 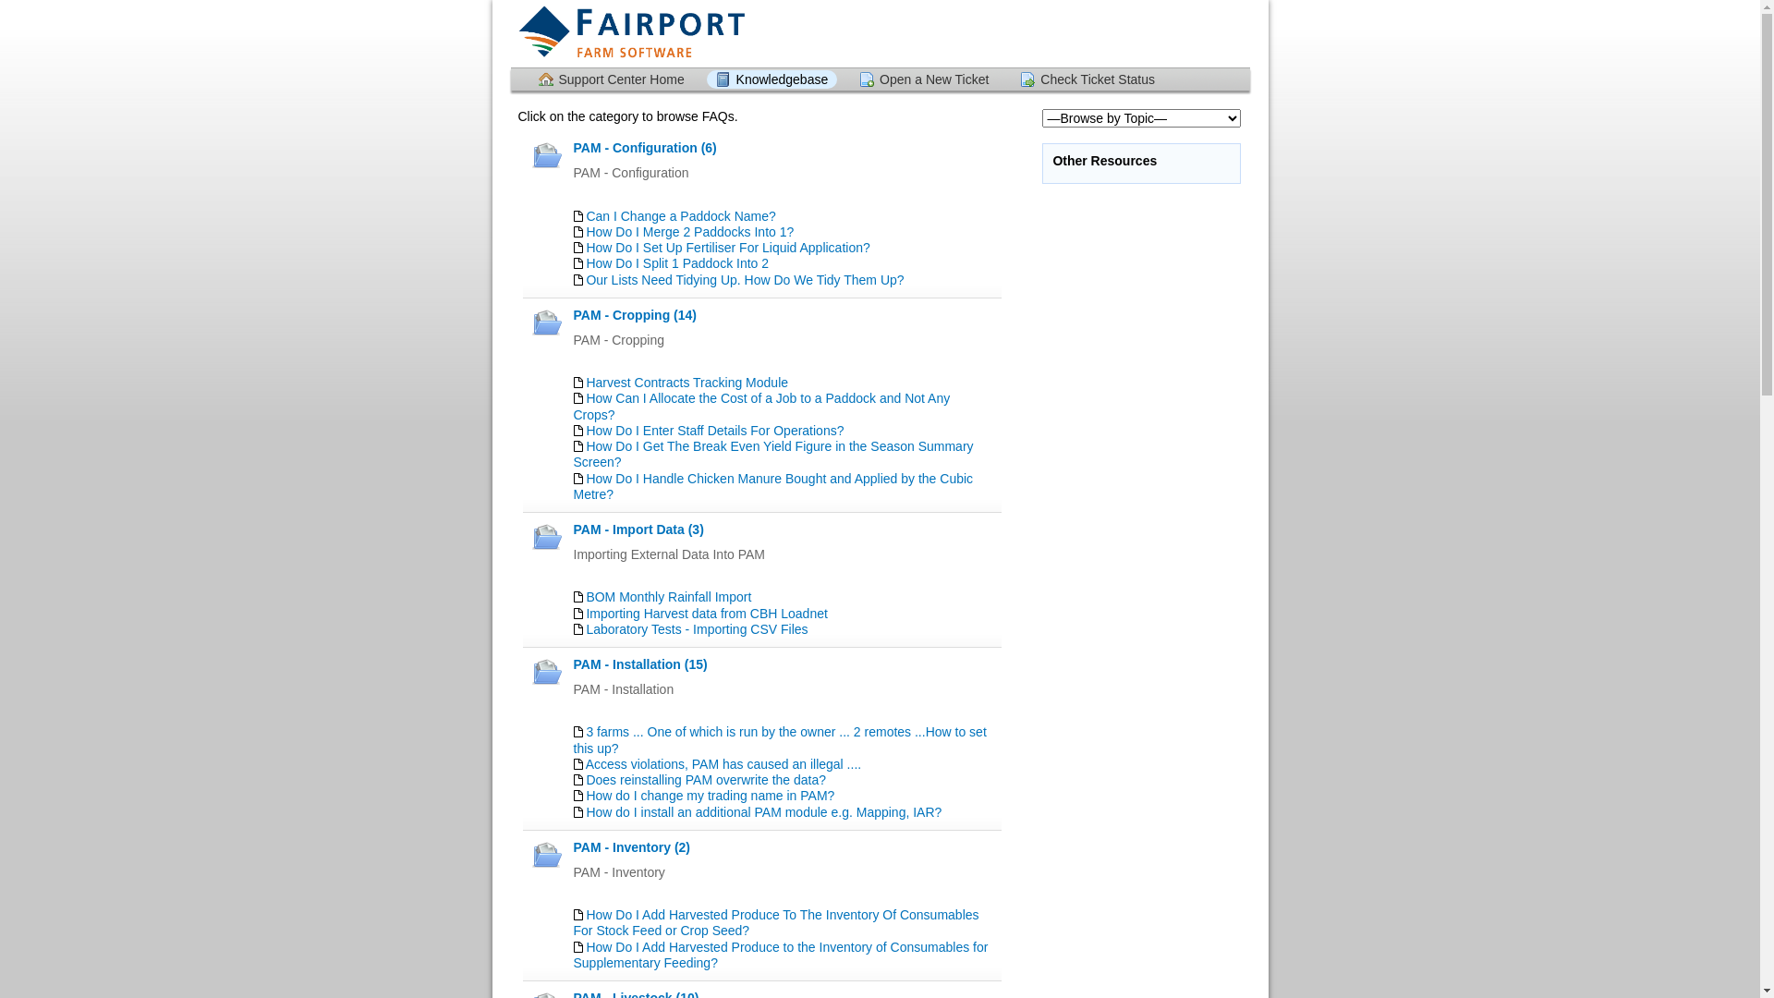 What do you see at coordinates (584, 811) in the screenshot?
I see `'How do I install an additional PAM module e.g. Mapping, IAR?'` at bounding box center [584, 811].